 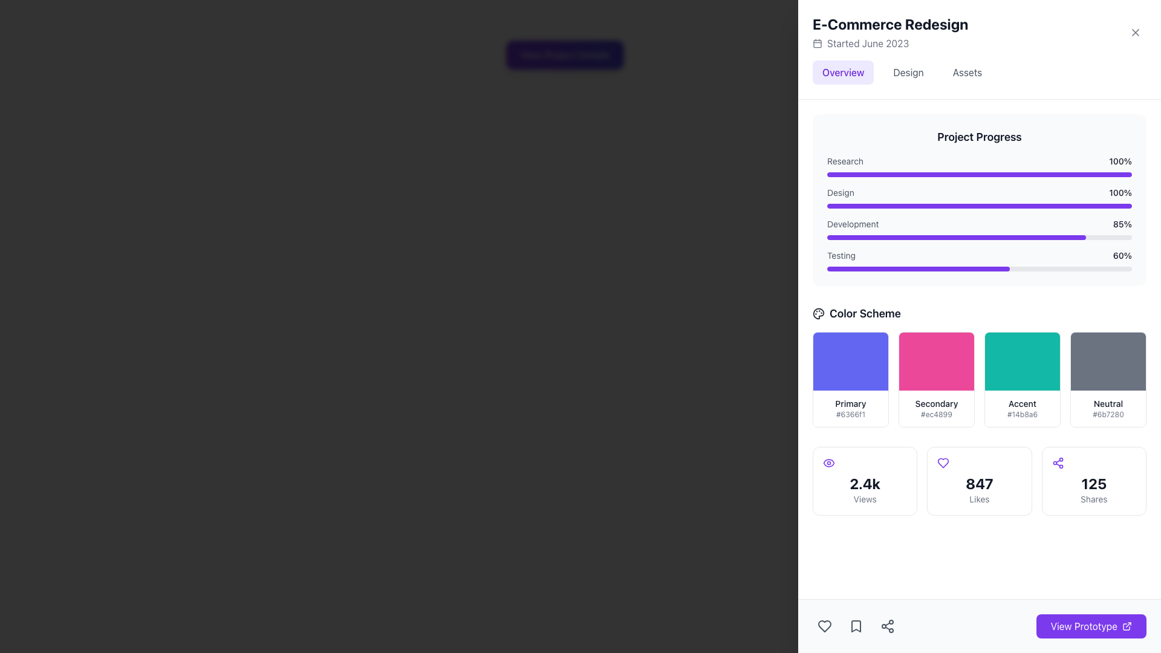 I want to click on the text label indicating the specific hex color value for the 'Secondary' block in the 'Color Scheme' section, so click(x=936, y=414).